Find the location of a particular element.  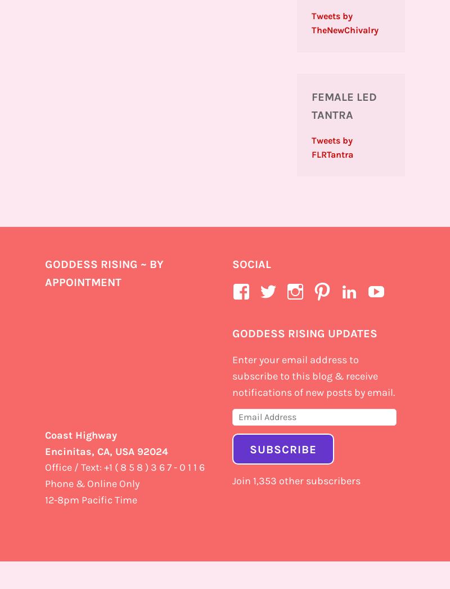

'Coast Highway' is located at coordinates (81, 434).